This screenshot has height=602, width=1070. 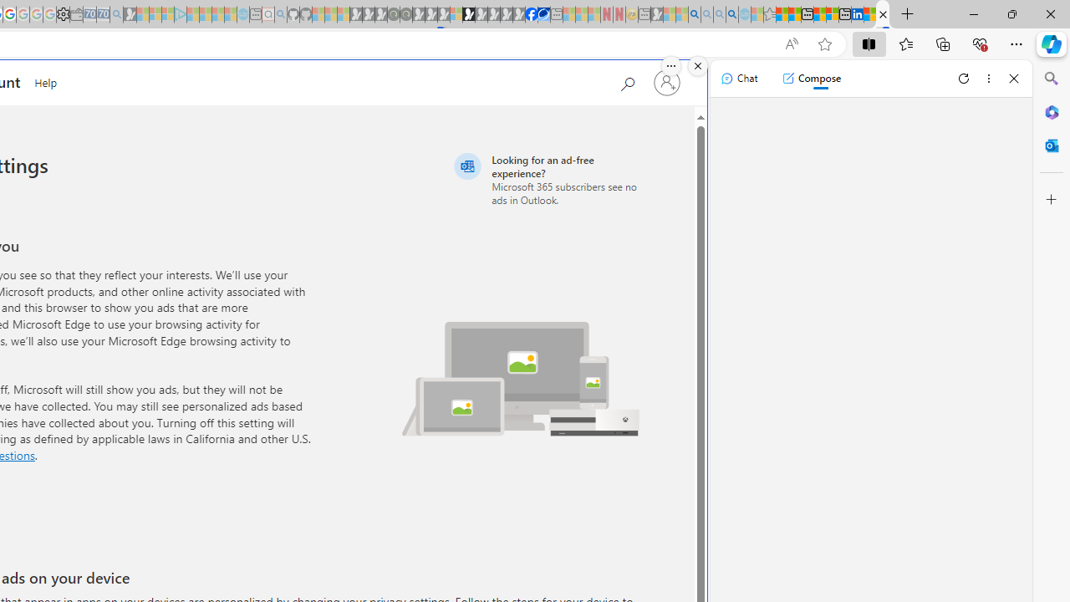 I want to click on 'github - Search - Sleeping', so click(x=281, y=14).